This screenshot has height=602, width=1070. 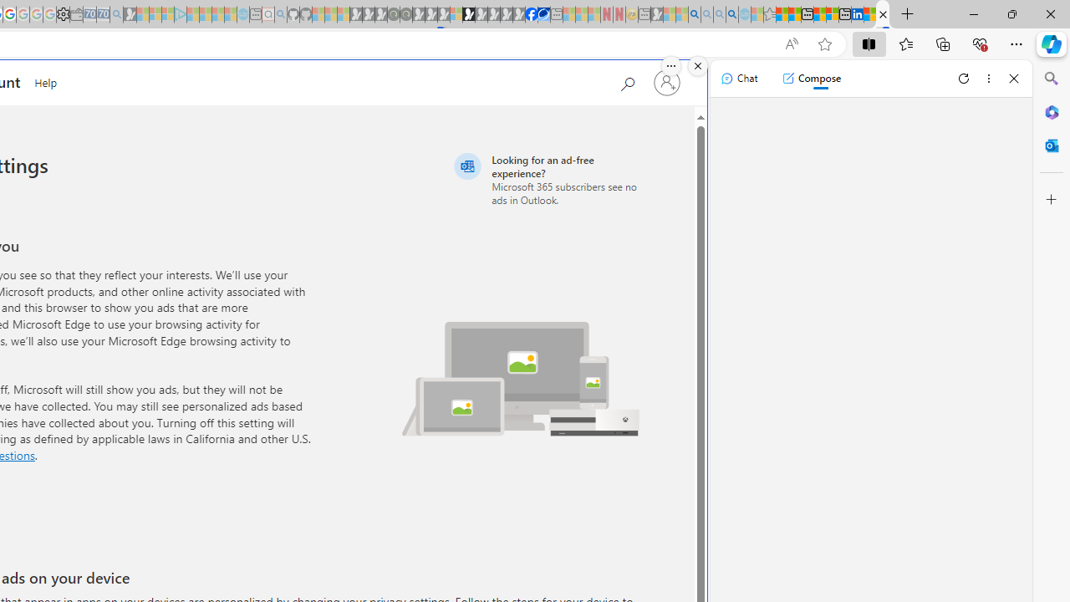 I want to click on 'github - Search - Sleeping', so click(x=281, y=14).